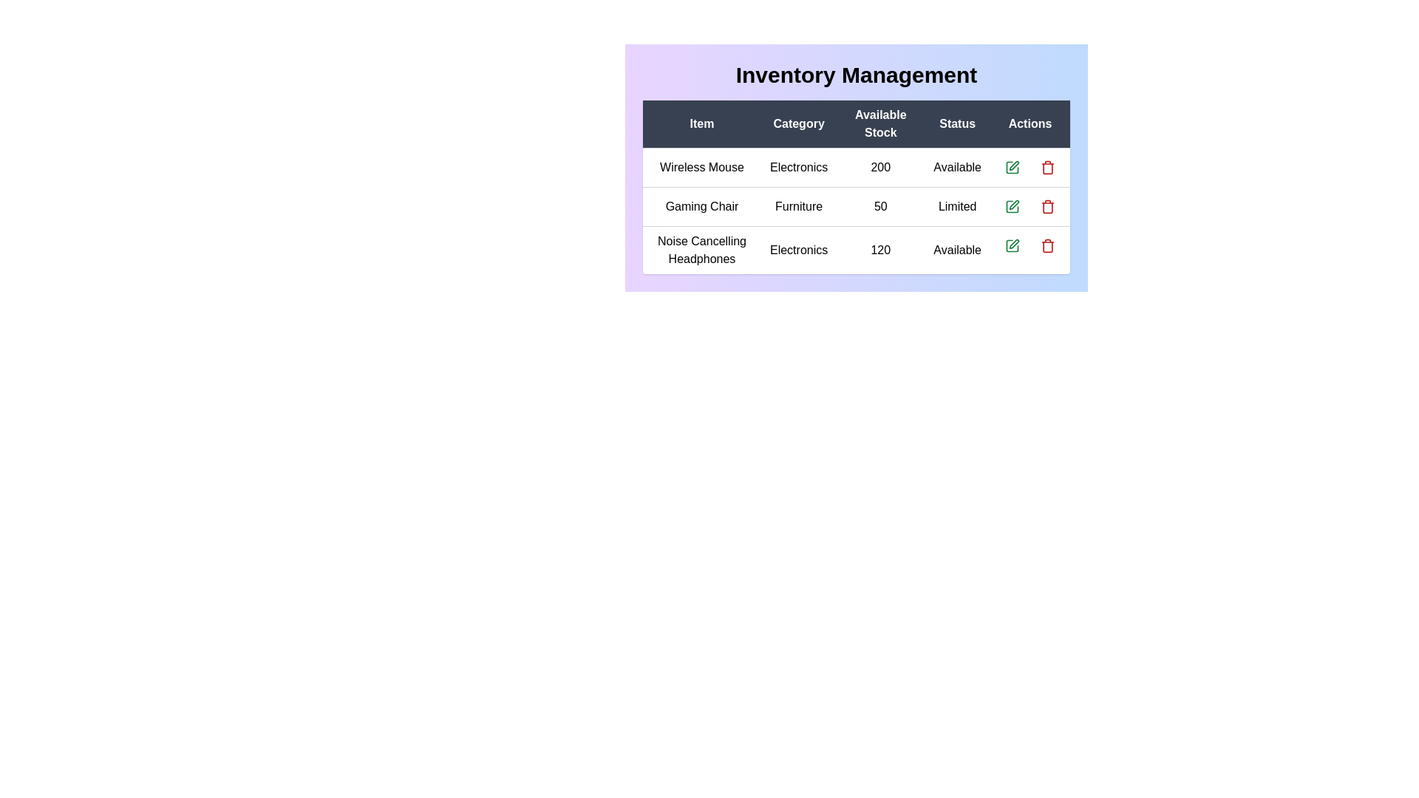 The height and width of the screenshot is (798, 1419). What do you see at coordinates (856, 249) in the screenshot?
I see `the row corresponding to Noise Cancelling Headphones` at bounding box center [856, 249].